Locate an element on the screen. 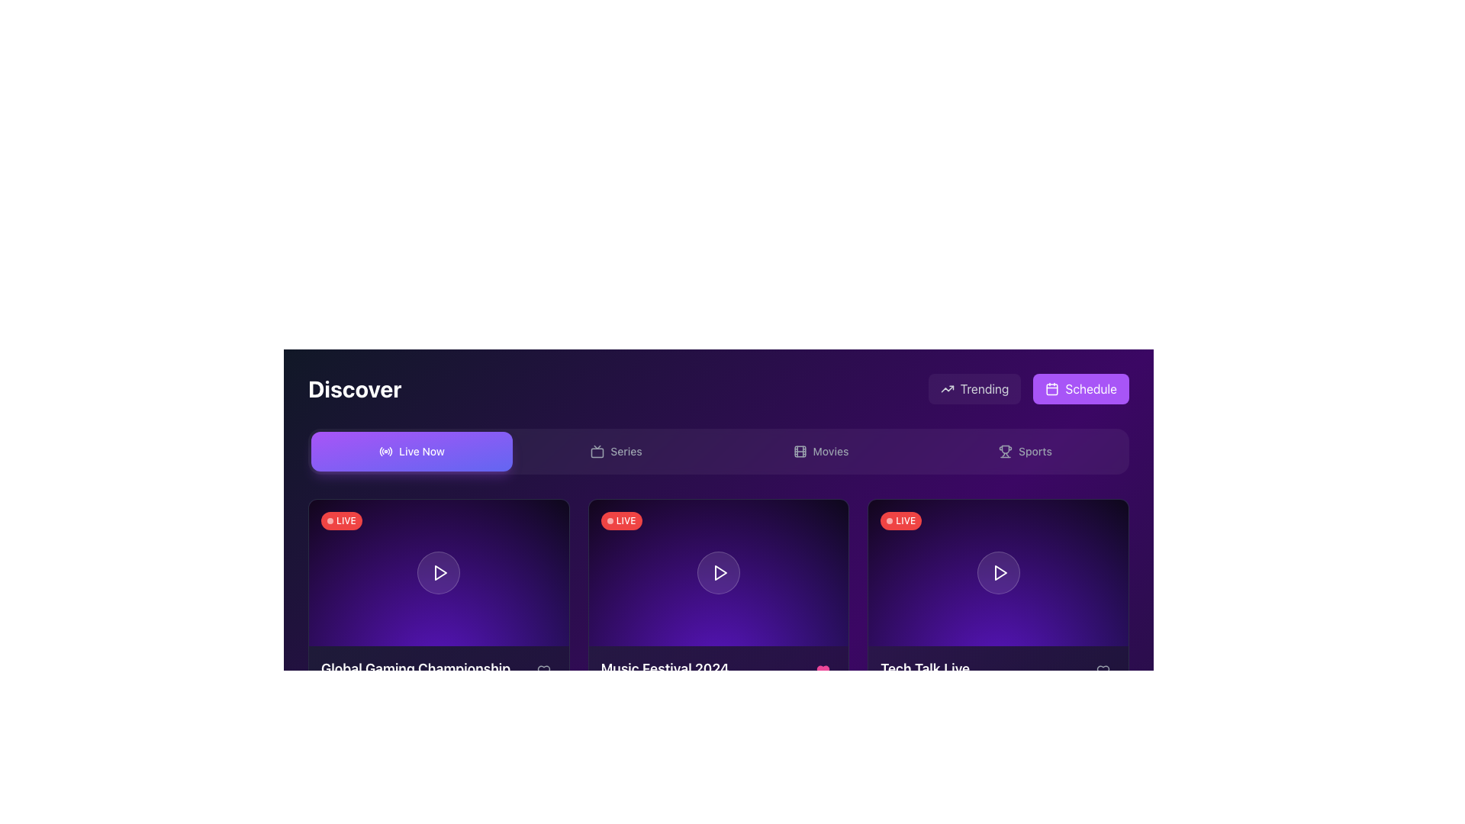 Image resolution: width=1465 pixels, height=824 pixels. the interactive card with a play button that features a gradient from purple to indigo and has a 'LIVE' label in the top-left corner is located at coordinates (438, 572).